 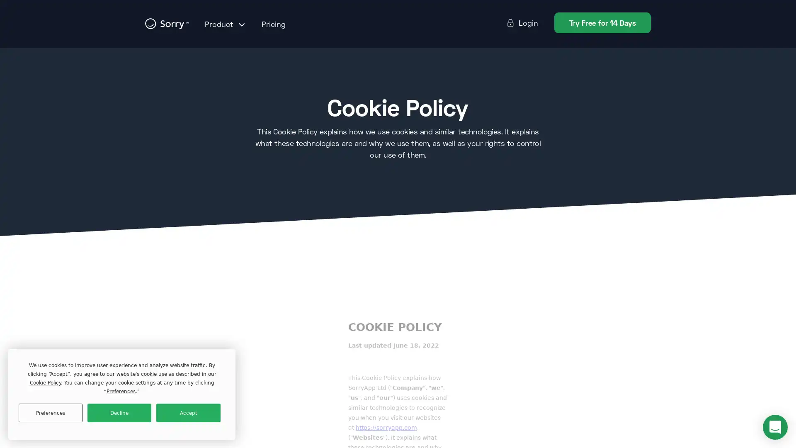 I want to click on Decline, so click(x=119, y=413).